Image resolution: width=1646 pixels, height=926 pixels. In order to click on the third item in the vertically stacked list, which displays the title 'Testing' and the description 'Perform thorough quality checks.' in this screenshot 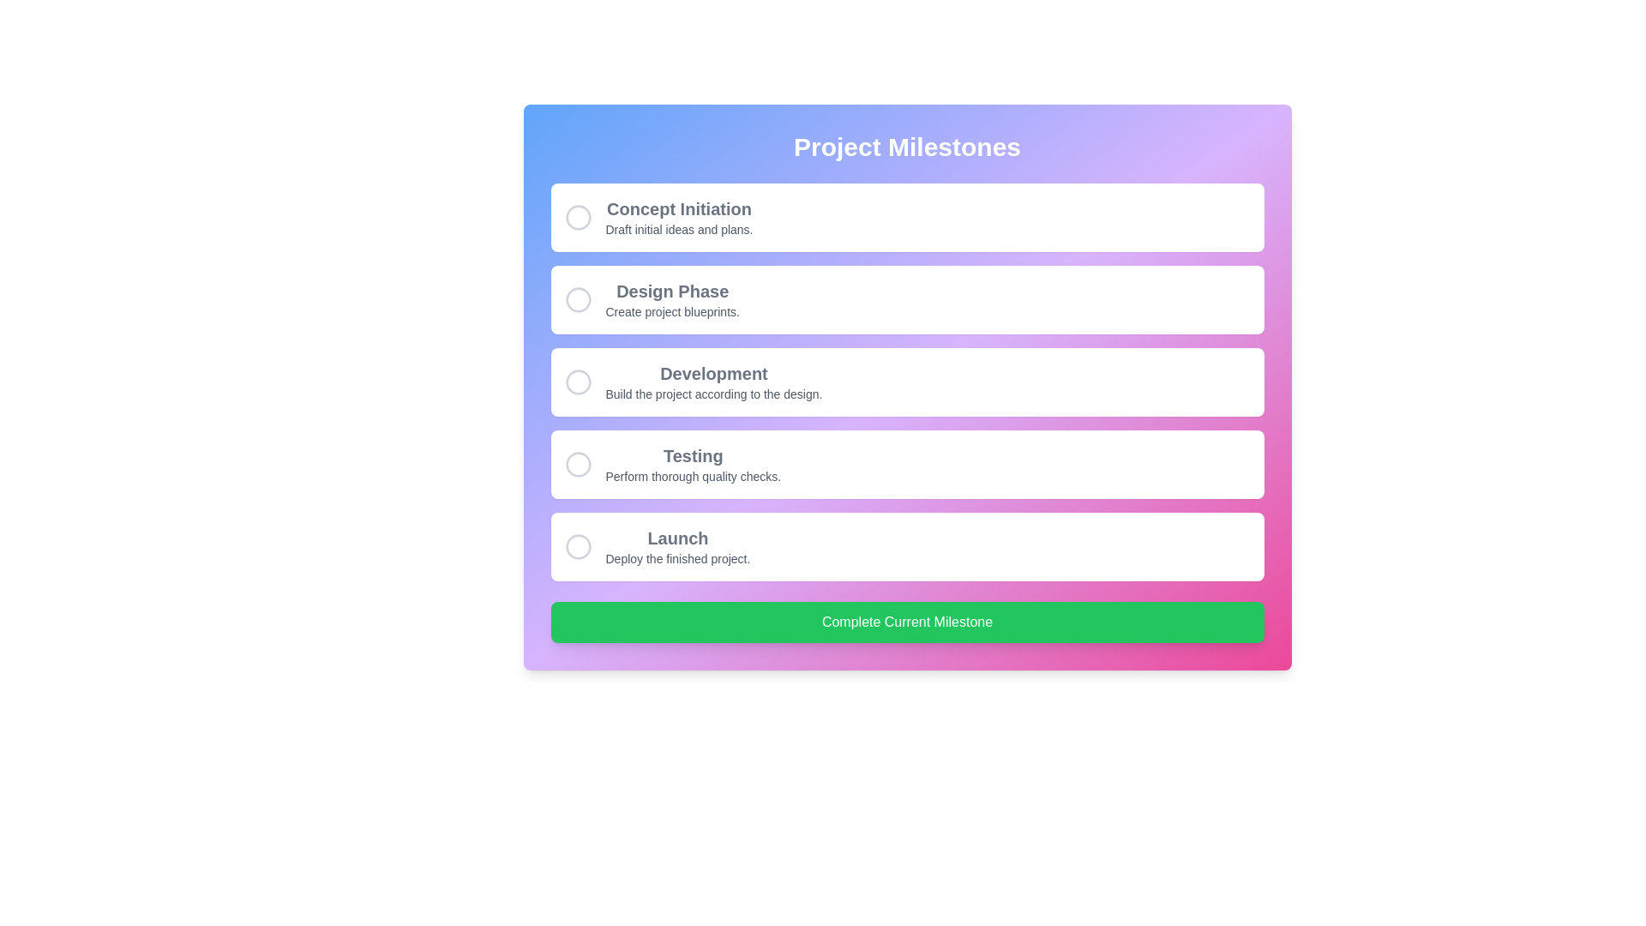, I will do `click(693, 465)`.